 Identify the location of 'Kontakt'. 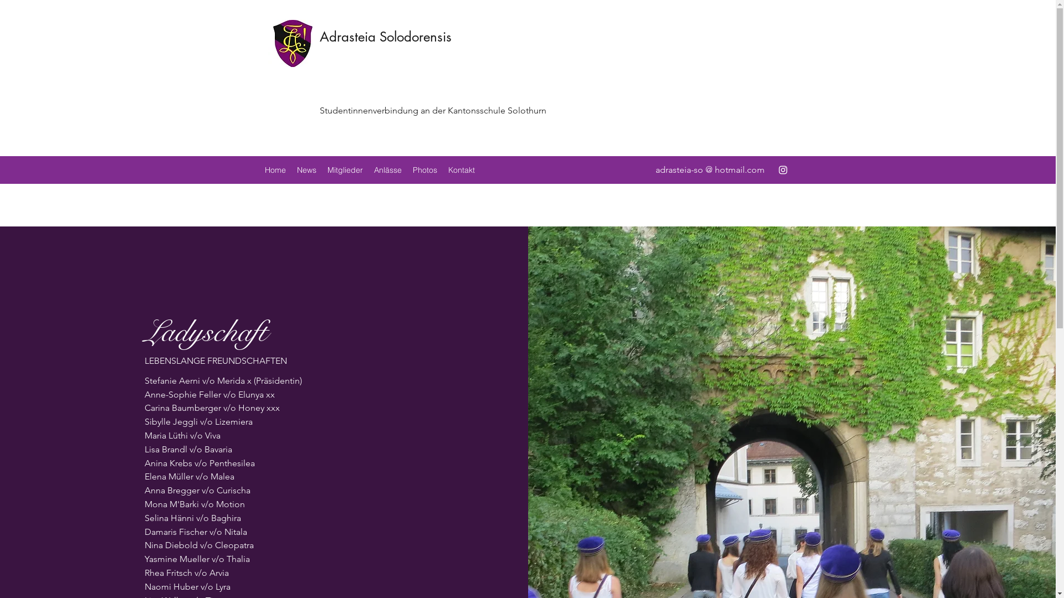
(461, 170).